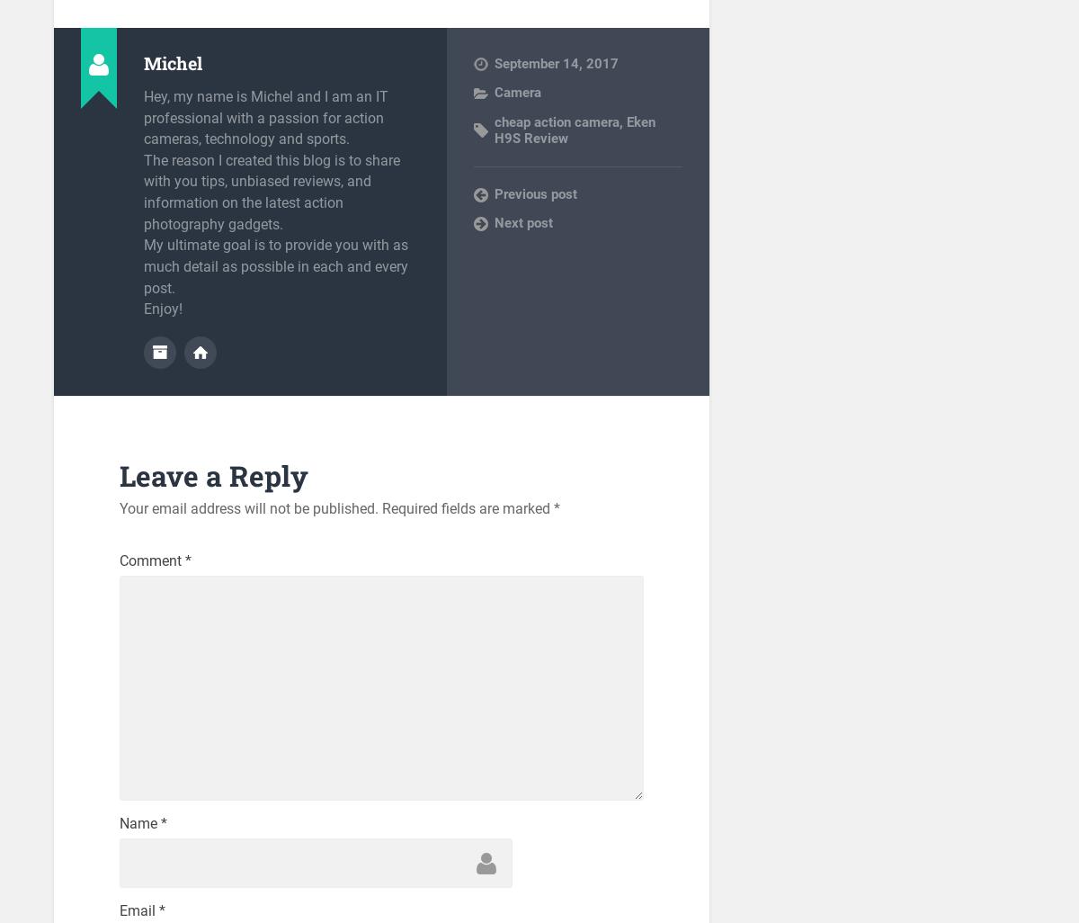 This screenshot has height=923, width=1079. Describe the element at coordinates (137, 910) in the screenshot. I see `'Email'` at that location.